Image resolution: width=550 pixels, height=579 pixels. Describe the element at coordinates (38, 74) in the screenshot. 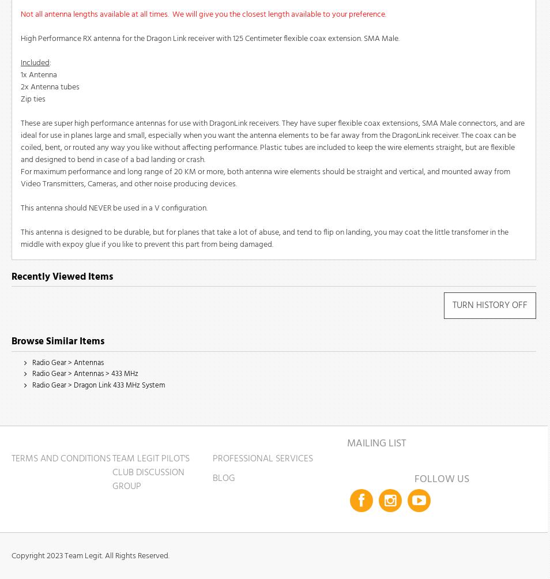

I see `'1x Antenna'` at that location.